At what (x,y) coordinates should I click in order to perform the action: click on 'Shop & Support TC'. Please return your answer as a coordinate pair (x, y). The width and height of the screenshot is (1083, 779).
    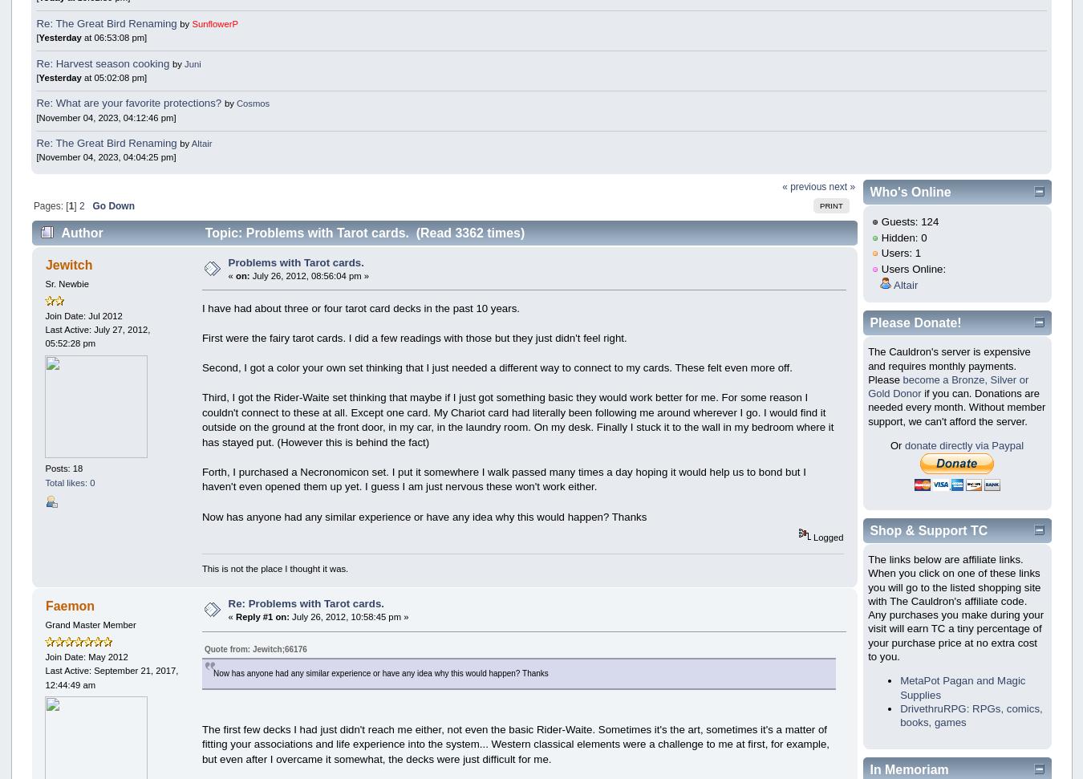
    Looking at the image, I should click on (927, 530).